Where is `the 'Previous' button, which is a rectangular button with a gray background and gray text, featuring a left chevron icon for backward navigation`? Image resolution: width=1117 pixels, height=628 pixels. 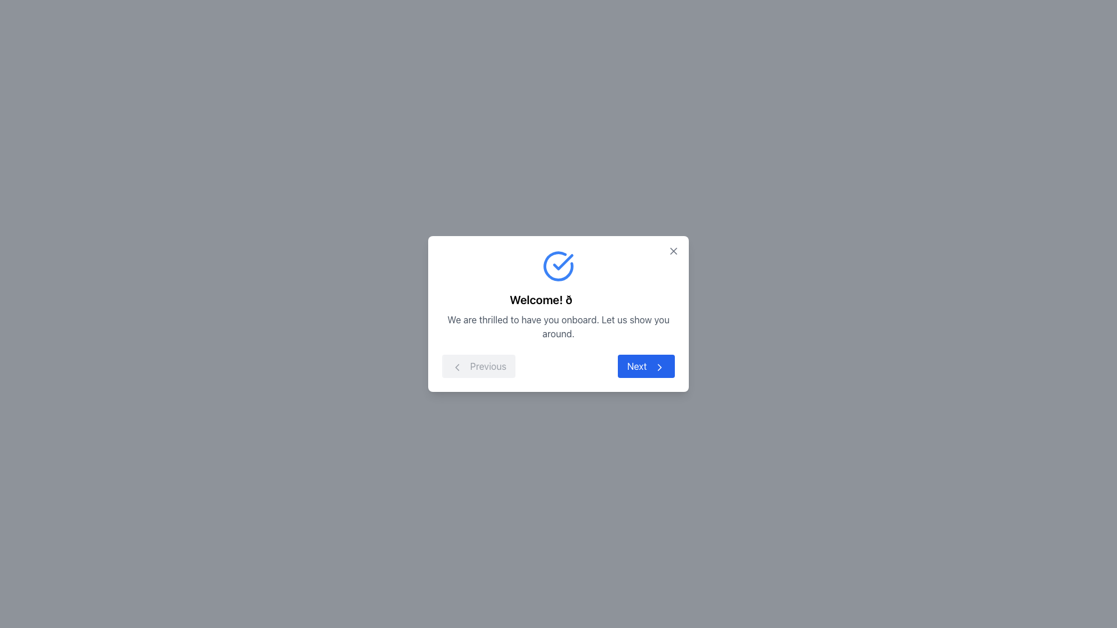 the 'Previous' button, which is a rectangular button with a gray background and gray text, featuring a left chevron icon for backward navigation is located at coordinates (479, 365).